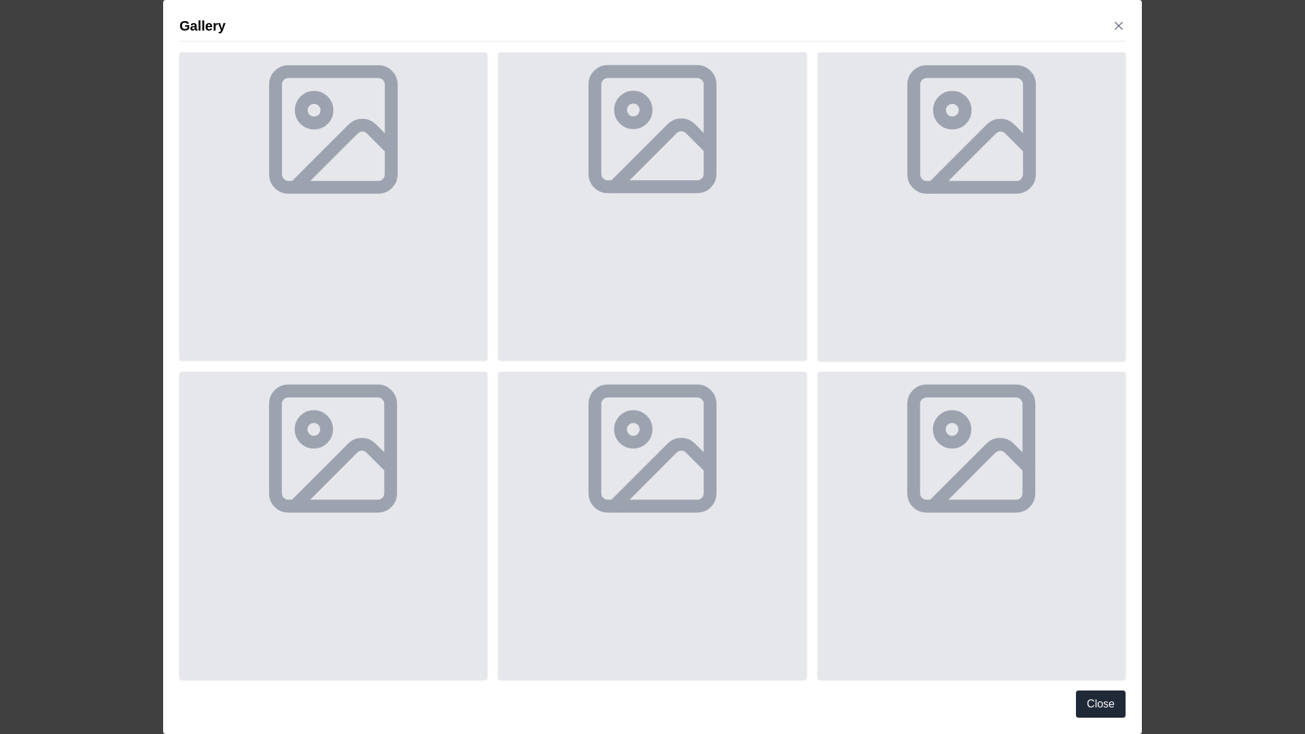 This screenshot has height=734, width=1305. I want to click on the 'X' icon in the top-right corner of the interface, so click(1119, 26).